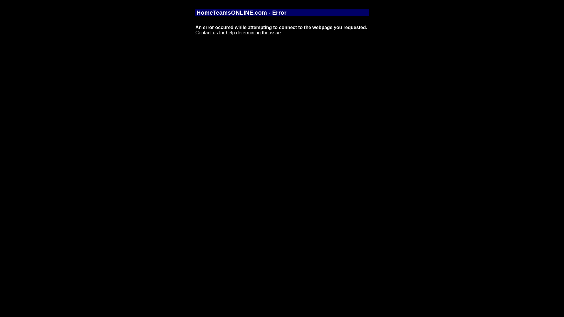 The image size is (564, 317). I want to click on 'Contact us for help determining the issue', so click(238, 33).